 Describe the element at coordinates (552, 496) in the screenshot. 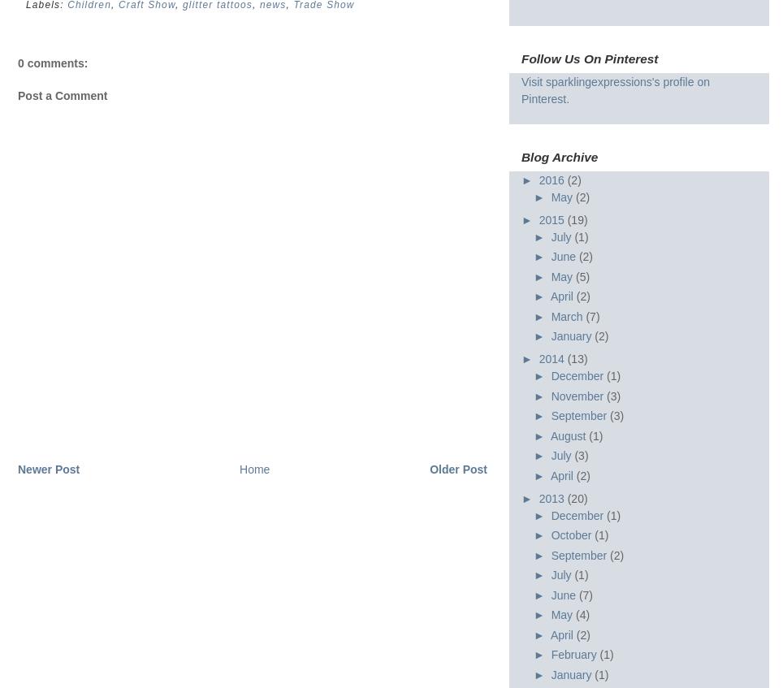

I see `'2013'` at that location.